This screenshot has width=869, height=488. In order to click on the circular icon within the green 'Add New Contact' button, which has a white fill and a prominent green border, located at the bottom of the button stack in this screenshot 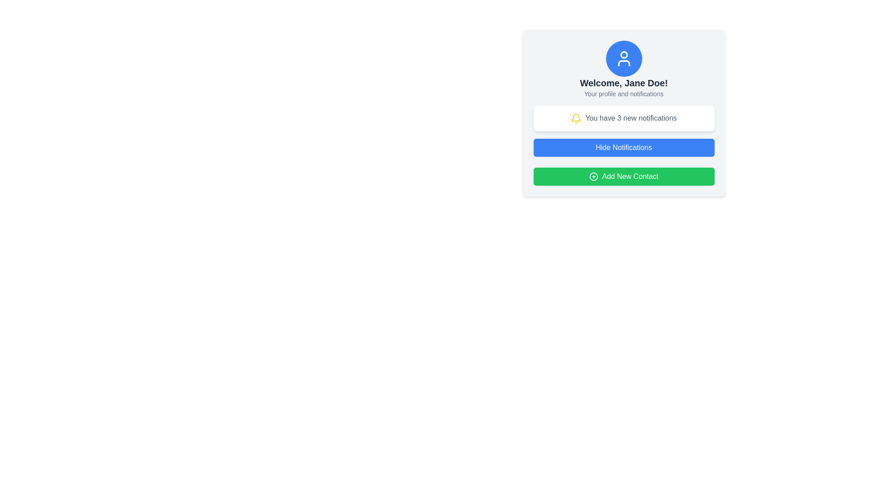, I will do `click(594, 176)`.